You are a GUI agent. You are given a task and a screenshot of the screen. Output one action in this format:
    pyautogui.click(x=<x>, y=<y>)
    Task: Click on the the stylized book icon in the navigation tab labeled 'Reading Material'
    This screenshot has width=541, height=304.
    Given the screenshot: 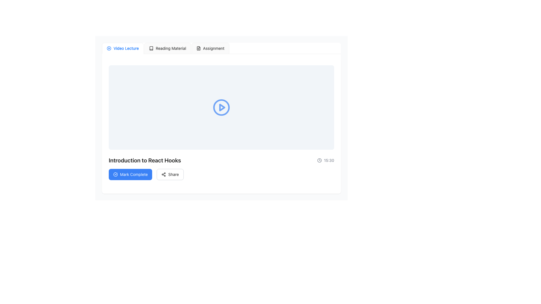 What is the action you would take?
    pyautogui.click(x=151, y=48)
    